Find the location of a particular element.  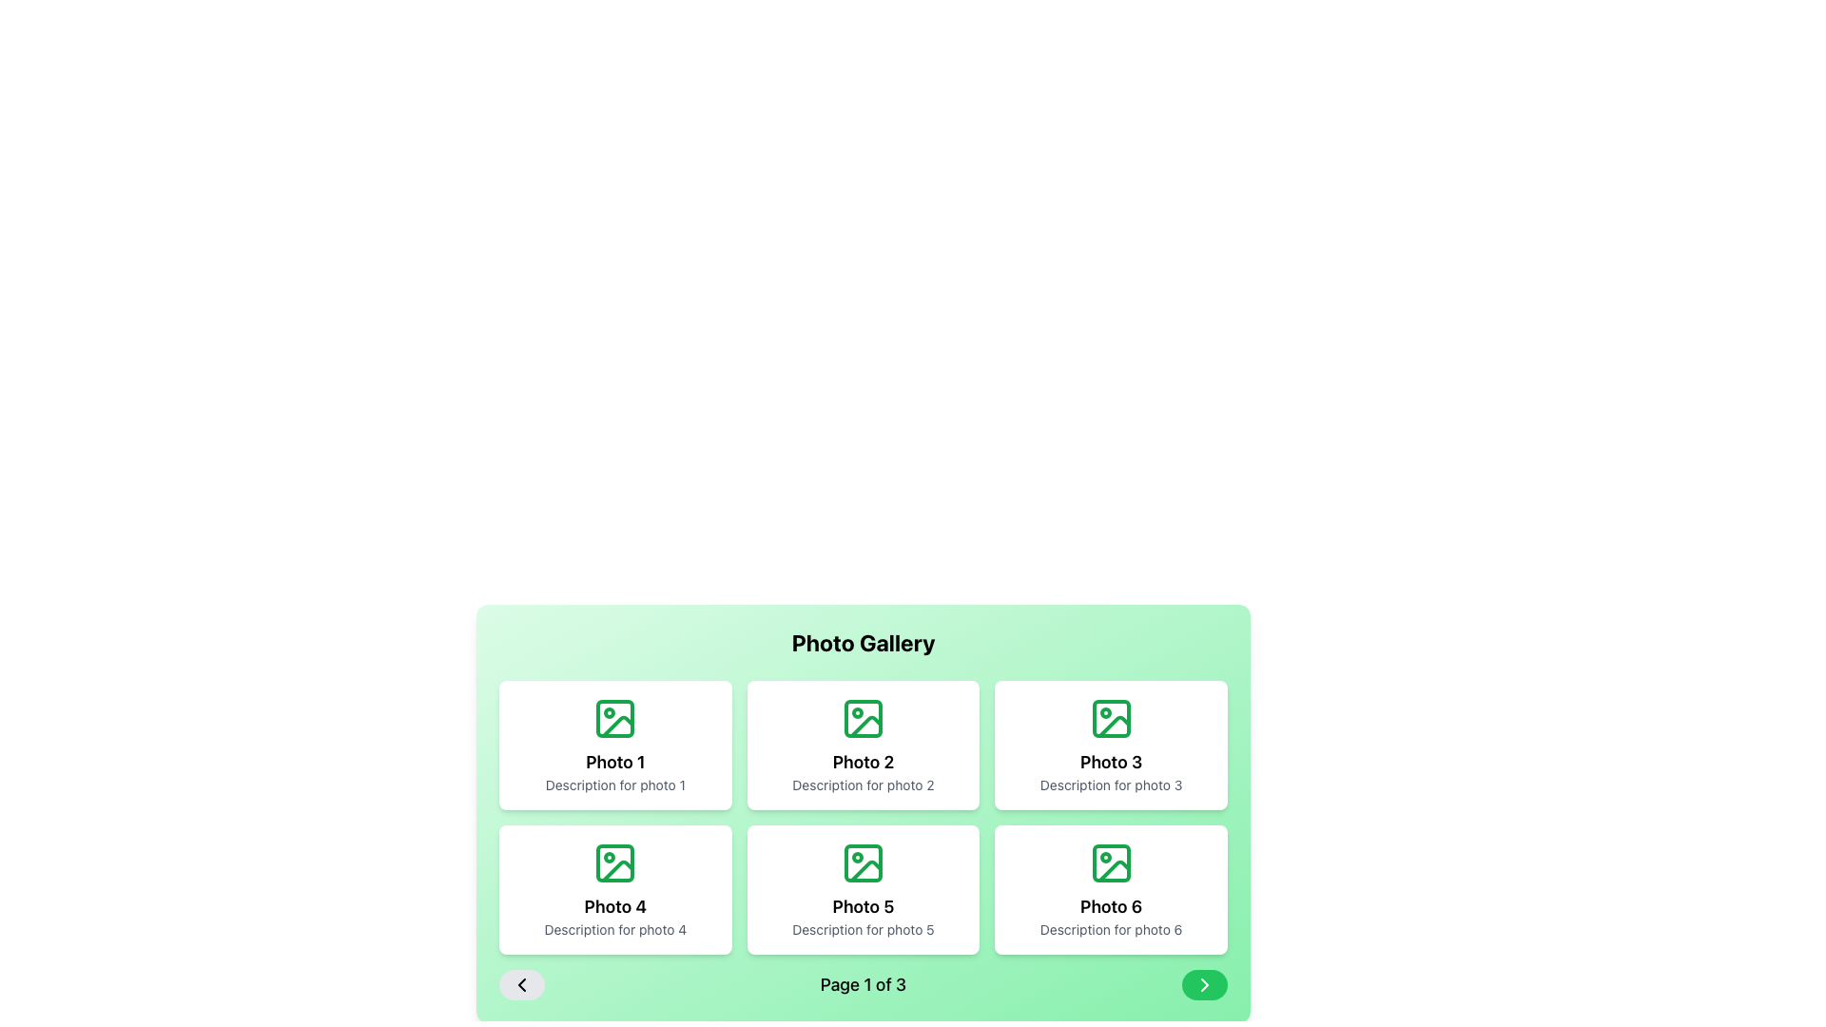

the small rectangle with rounded corners located in the upper-left corner of the 'Photo 6' SVG icon in the 'Photo Gallery' is located at coordinates (1111, 862).